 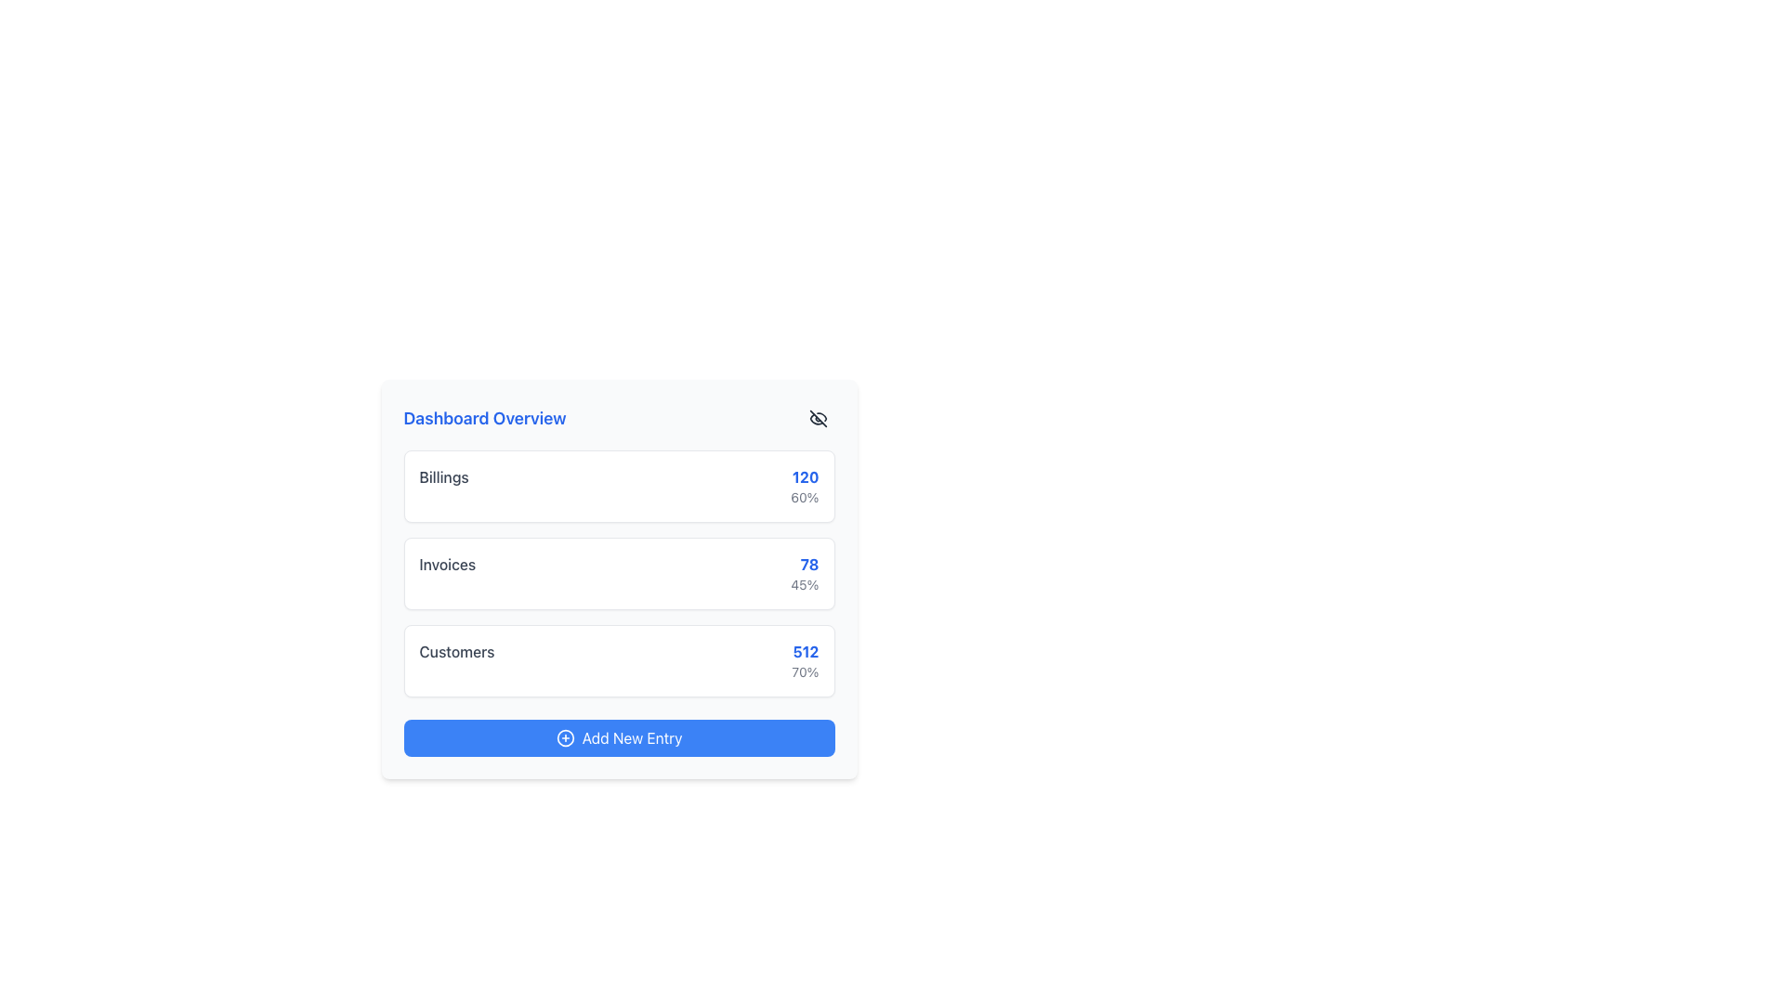 What do you see at coordinates (805, 475) in the screenshot?
I see `the Text label displaying the number '120' in the top-right part of the 'Billings' section of the dashboard` at bounding box center [805, 475].